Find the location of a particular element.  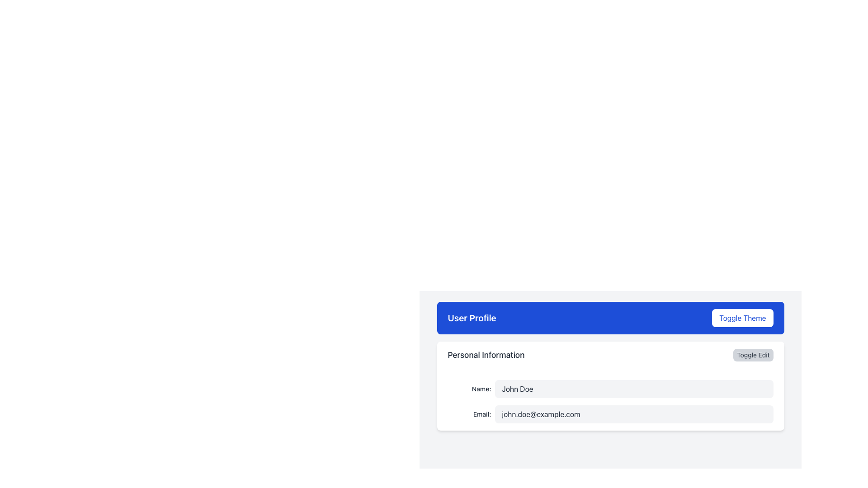

the Text Label that indicates the email input field in the 'Personal Information' card, positioned below the 'Name' field is located at coordinates (469, 414).